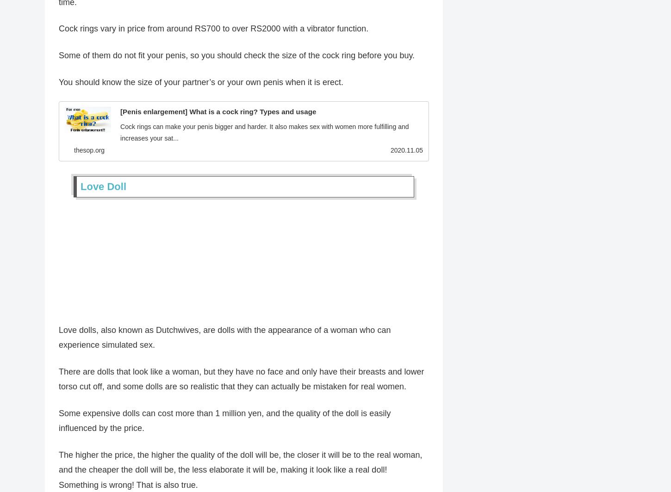 This screenshot has width=671, height=492. I want to click on '2020.11.05', so click(390, 152).